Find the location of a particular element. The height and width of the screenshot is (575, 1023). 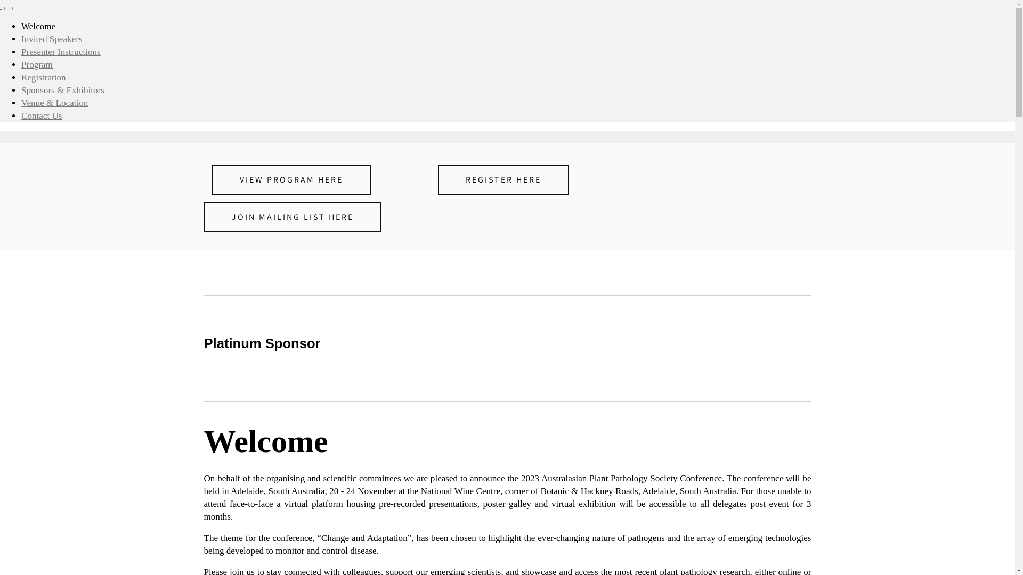

'JOIN MAILING LIST HERE' is located at coordinates (204, 217).